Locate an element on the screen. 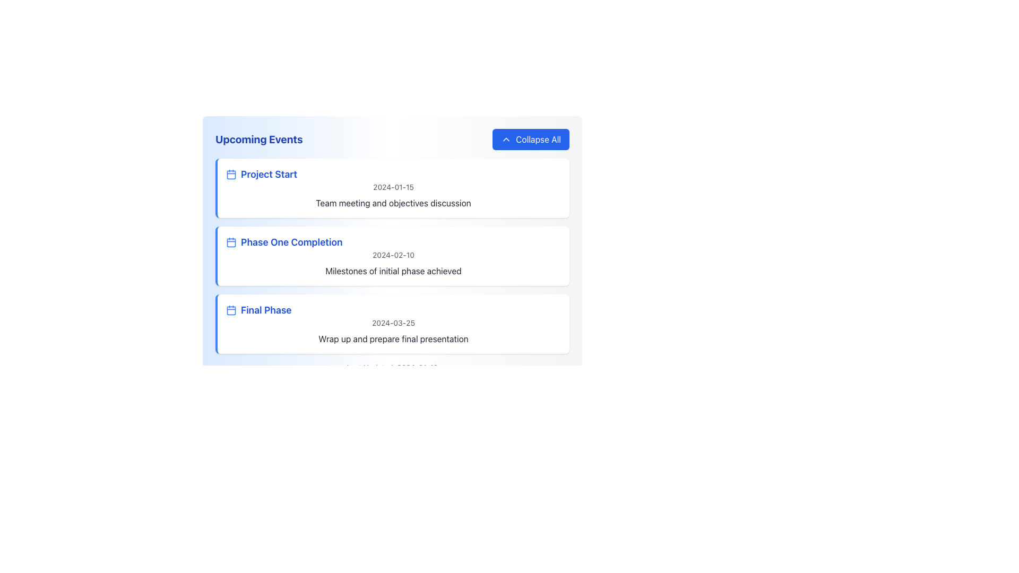 This screenshot has width=1019, height=573. the text label displaying the date '2024-02-10', which is styled in a small gray font, located in the center-right portion of the card for 'Phase One Completion' is located at coordinates (393, 255).